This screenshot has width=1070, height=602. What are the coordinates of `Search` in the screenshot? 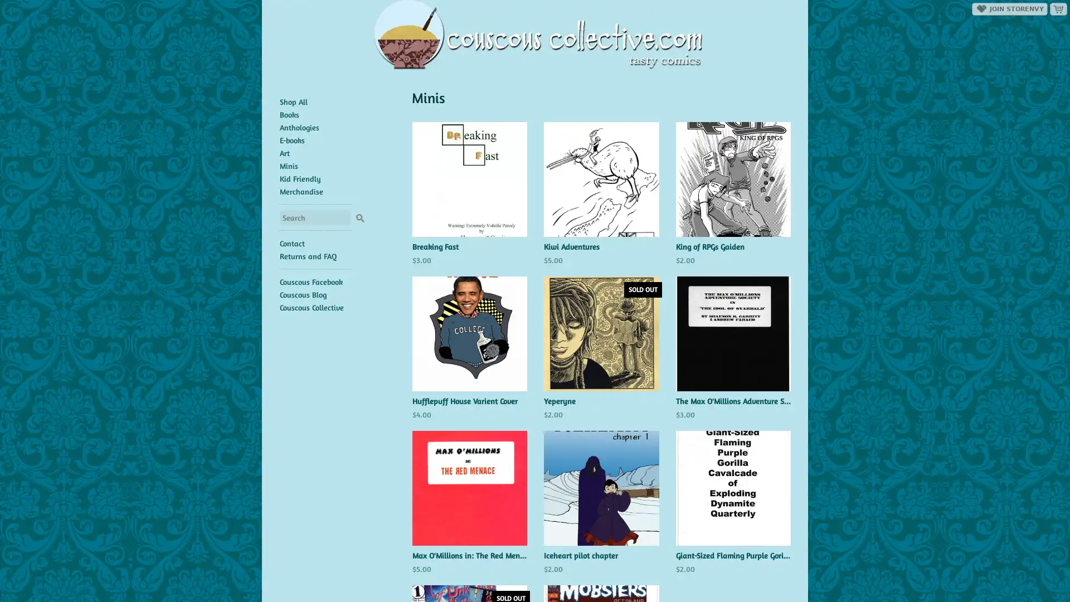 It's located at (359, 216).